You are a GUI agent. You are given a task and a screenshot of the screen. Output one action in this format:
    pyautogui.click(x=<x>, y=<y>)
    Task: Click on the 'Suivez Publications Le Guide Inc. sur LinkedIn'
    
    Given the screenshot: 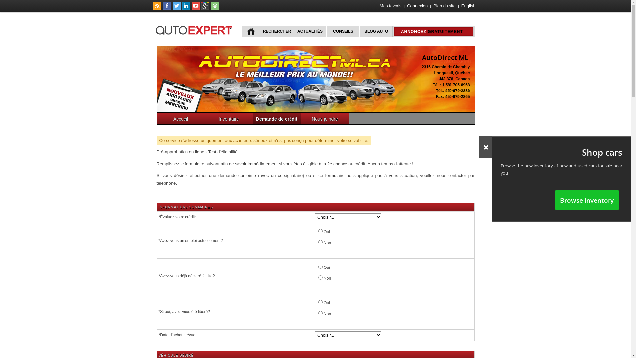 What is the action you would take?
    pyautogui.click(x=185, y=8)
    